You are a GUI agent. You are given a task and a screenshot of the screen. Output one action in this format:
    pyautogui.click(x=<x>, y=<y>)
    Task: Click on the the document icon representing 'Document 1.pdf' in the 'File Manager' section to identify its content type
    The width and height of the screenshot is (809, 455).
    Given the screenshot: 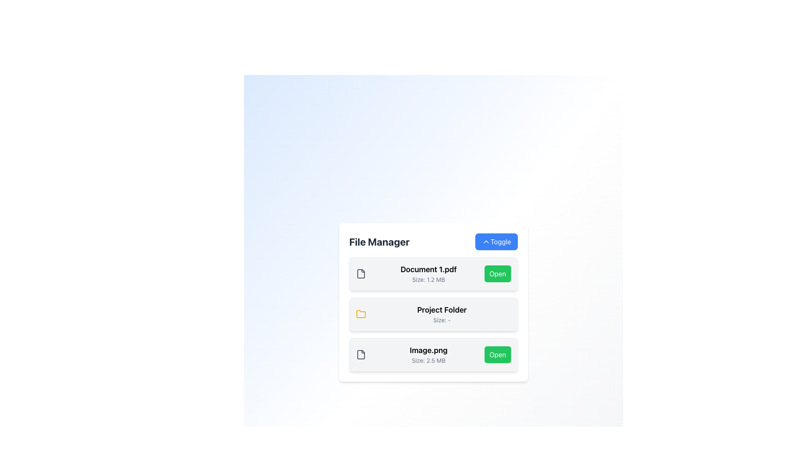 What is the action you would take?
    pyautogui.click(x=361, y=274)
    